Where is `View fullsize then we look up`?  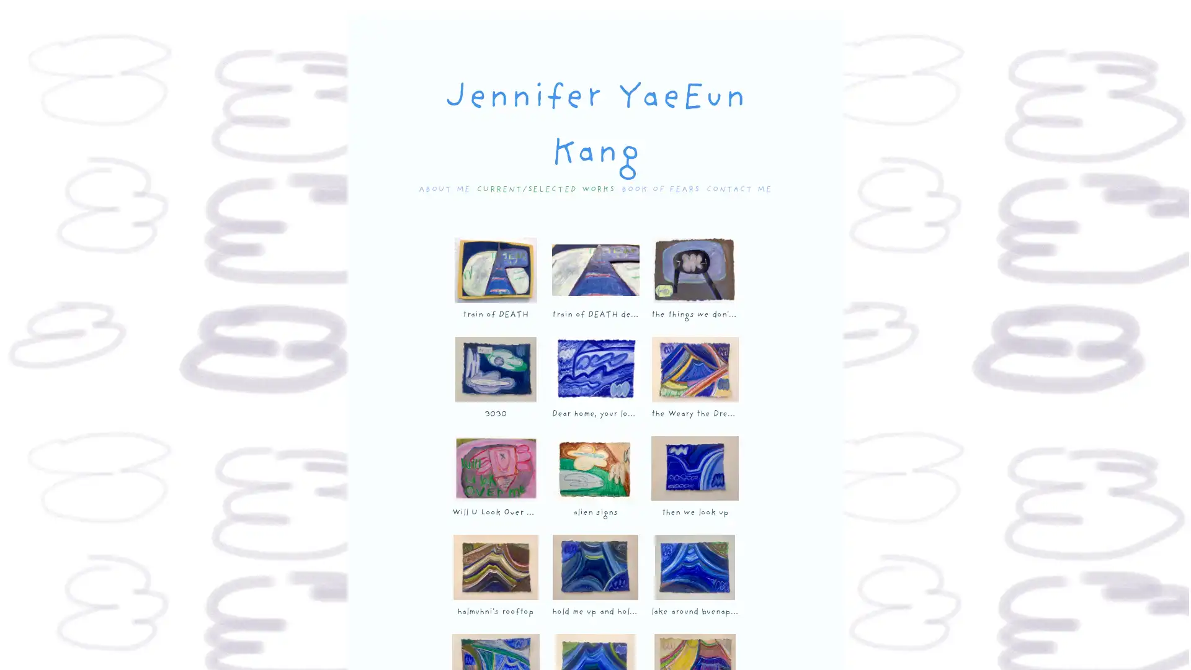 View fullsize then we look up is located at coordinates (694, 468).